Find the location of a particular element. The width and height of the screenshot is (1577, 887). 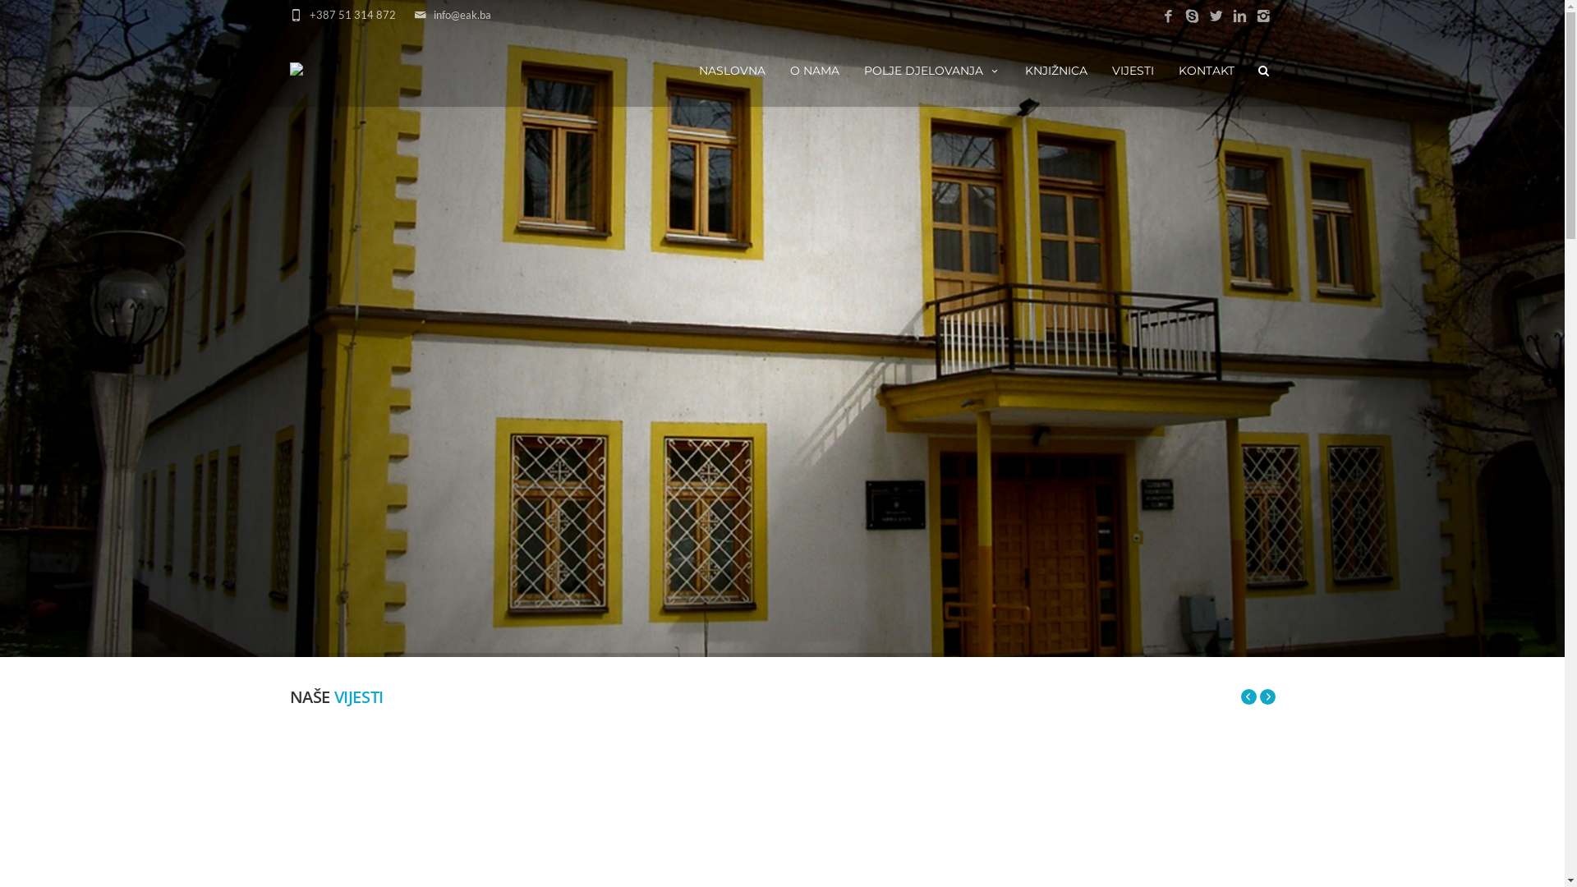

'www.eak.ba' is located at coordinates (478, 856).